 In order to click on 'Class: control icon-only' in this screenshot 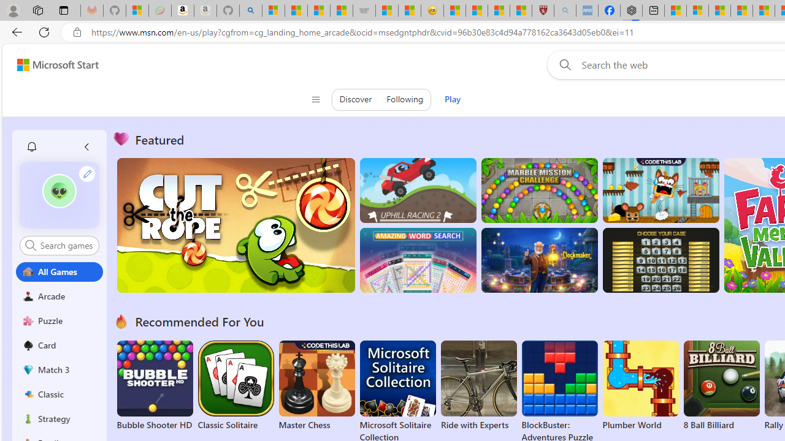, I will do `click(315, 99)`.